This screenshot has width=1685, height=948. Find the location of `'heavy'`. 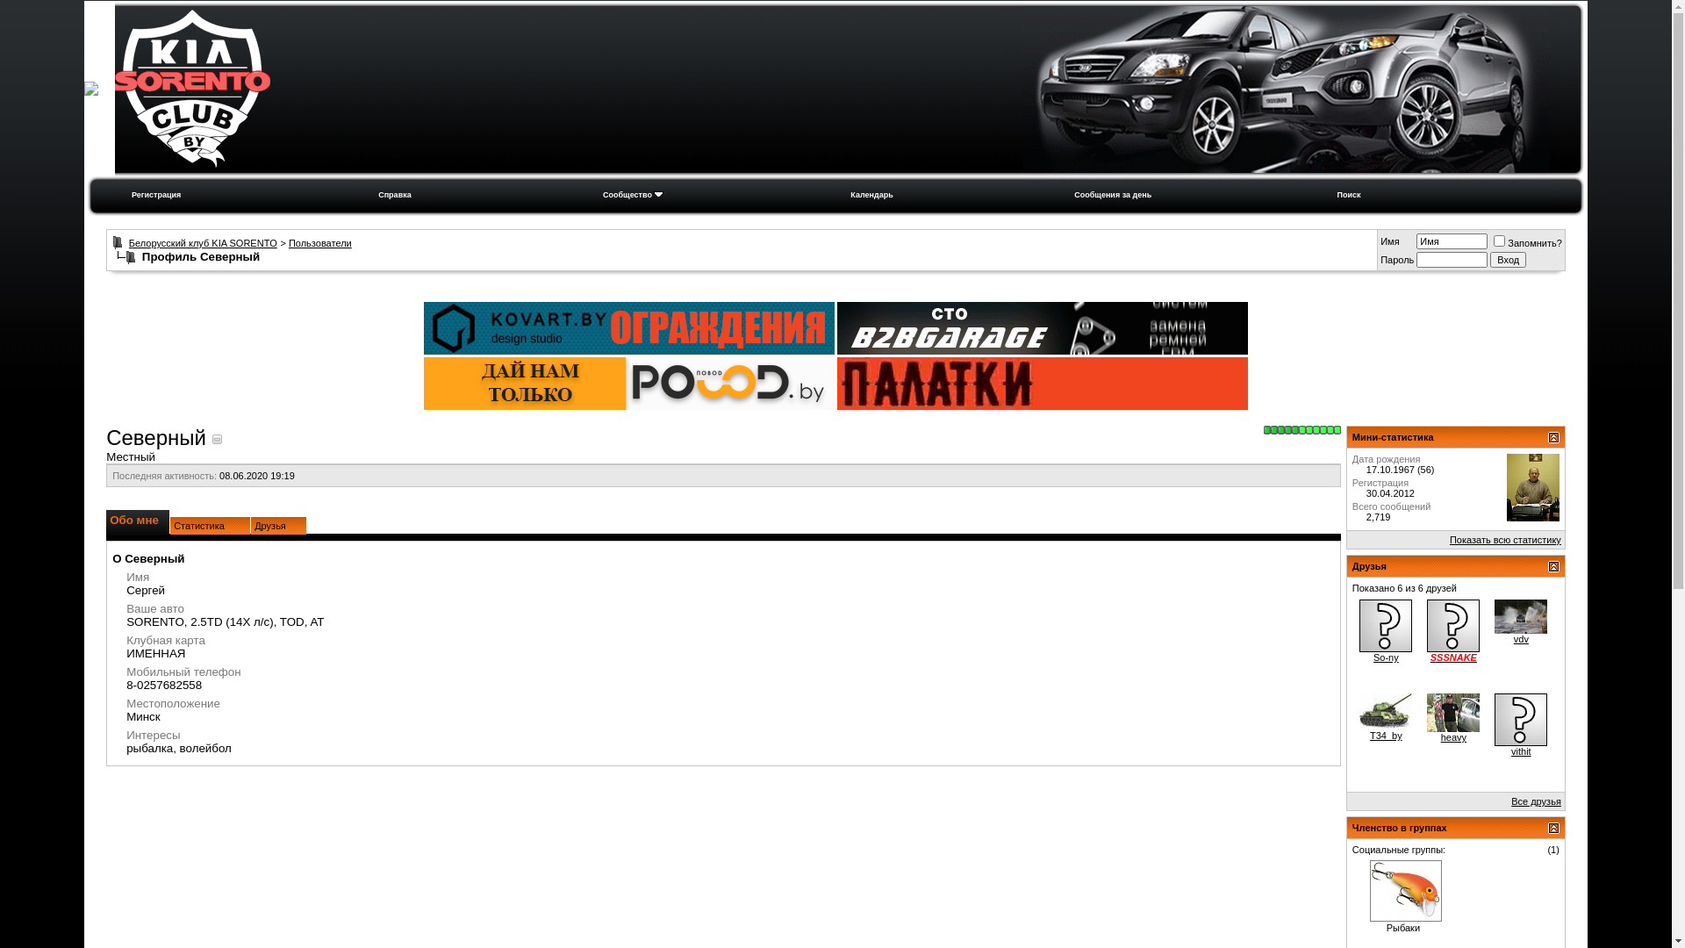

'heavy' is located at coordinates (1427, 713).